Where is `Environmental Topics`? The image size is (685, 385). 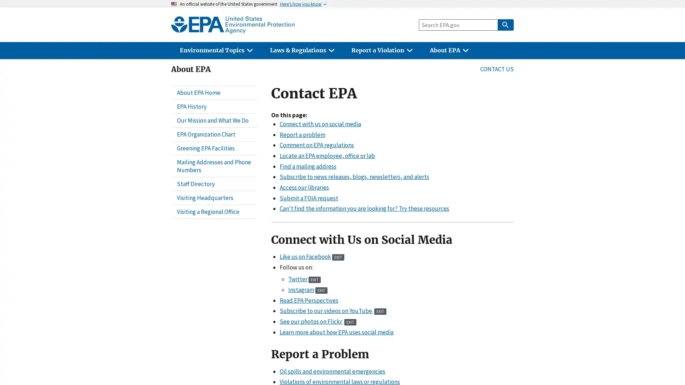 Environmental Topics is located at coordinates (215, 50).